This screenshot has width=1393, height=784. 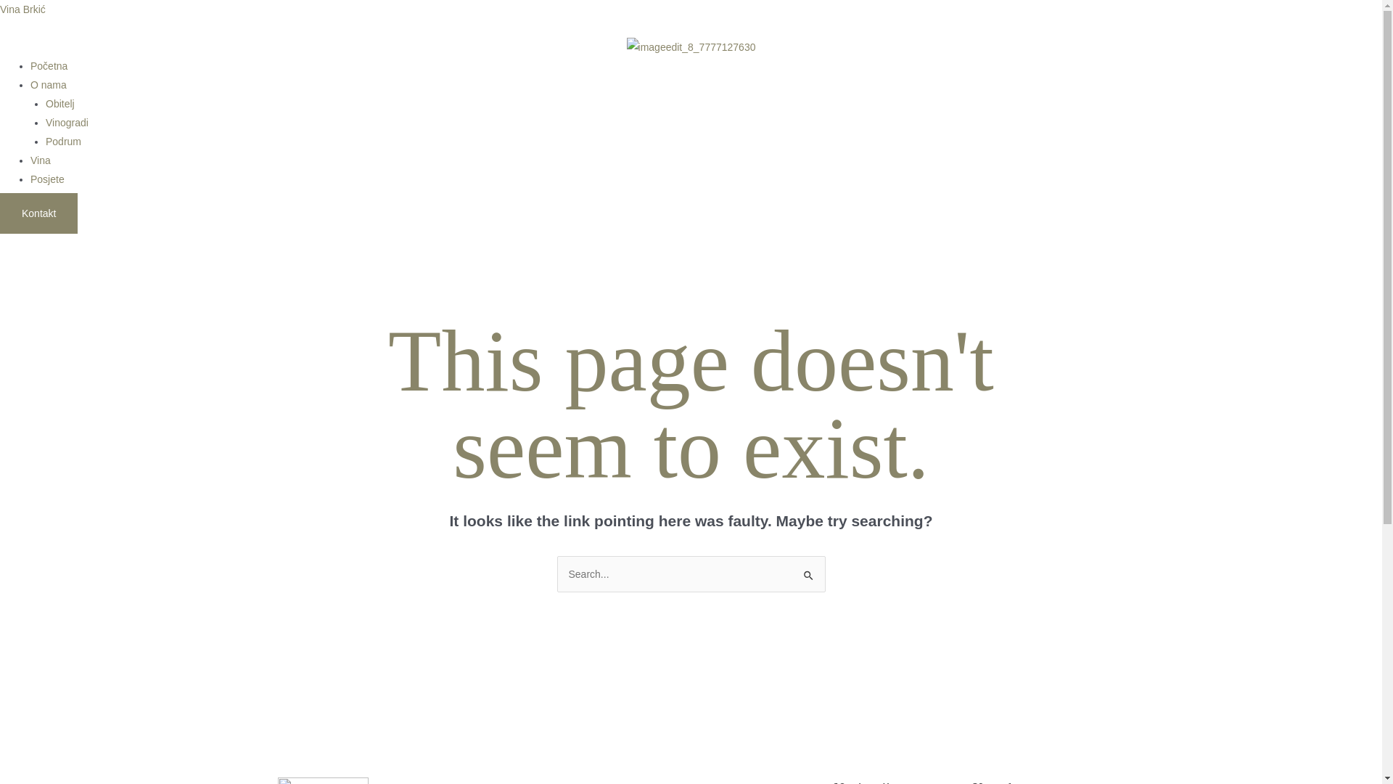 What do you see at coordinates (47, 178) in the screenshot?
I see `'Posjete'` at bounding box center [47, 178].